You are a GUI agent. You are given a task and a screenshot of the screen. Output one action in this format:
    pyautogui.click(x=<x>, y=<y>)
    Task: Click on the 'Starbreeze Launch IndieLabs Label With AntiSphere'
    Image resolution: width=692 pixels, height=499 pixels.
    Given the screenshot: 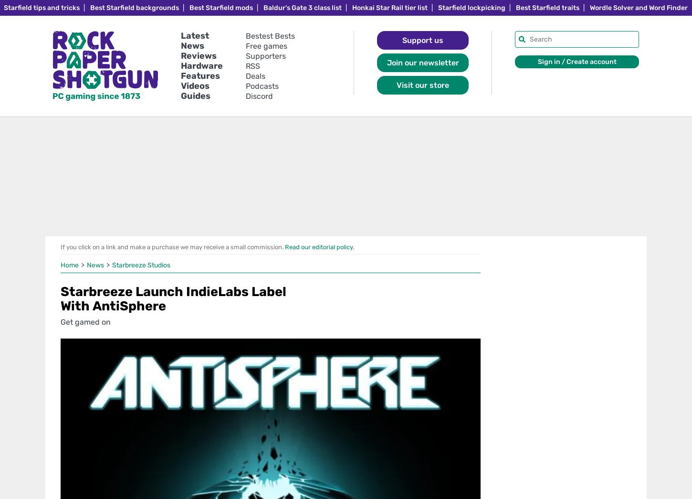 What is the action you would take?
    pyautogui.click(x=173, y=298)
    